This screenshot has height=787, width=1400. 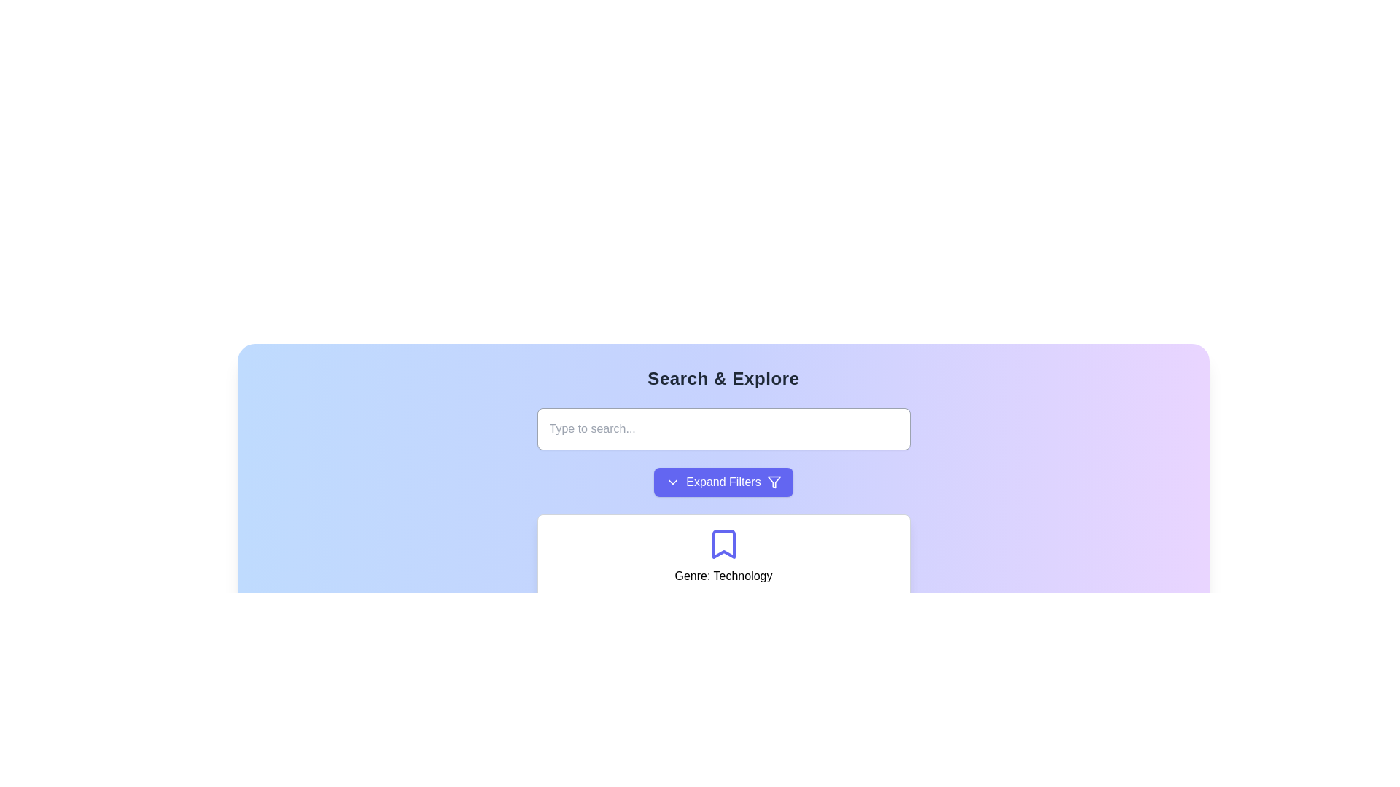 What do you see at coordinates (723, 575) in the screenshot?
I see `text label that displays 'Genre: Technology', which is located near the center horizontally and in the upper region of the main content area` at bounding box center [723, 575].